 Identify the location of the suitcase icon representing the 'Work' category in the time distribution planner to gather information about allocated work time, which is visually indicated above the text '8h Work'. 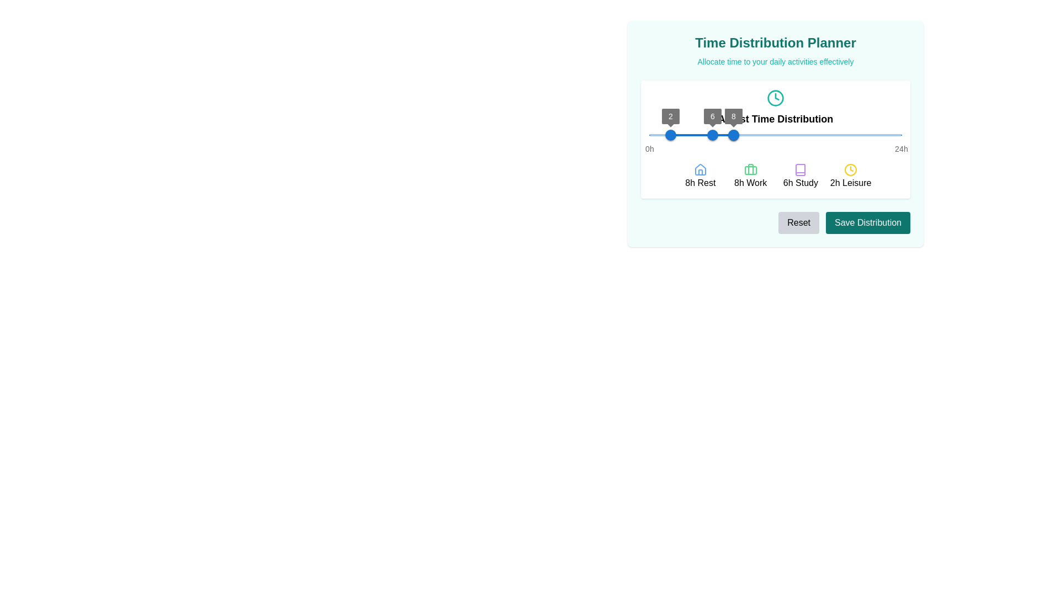
(750, 170).